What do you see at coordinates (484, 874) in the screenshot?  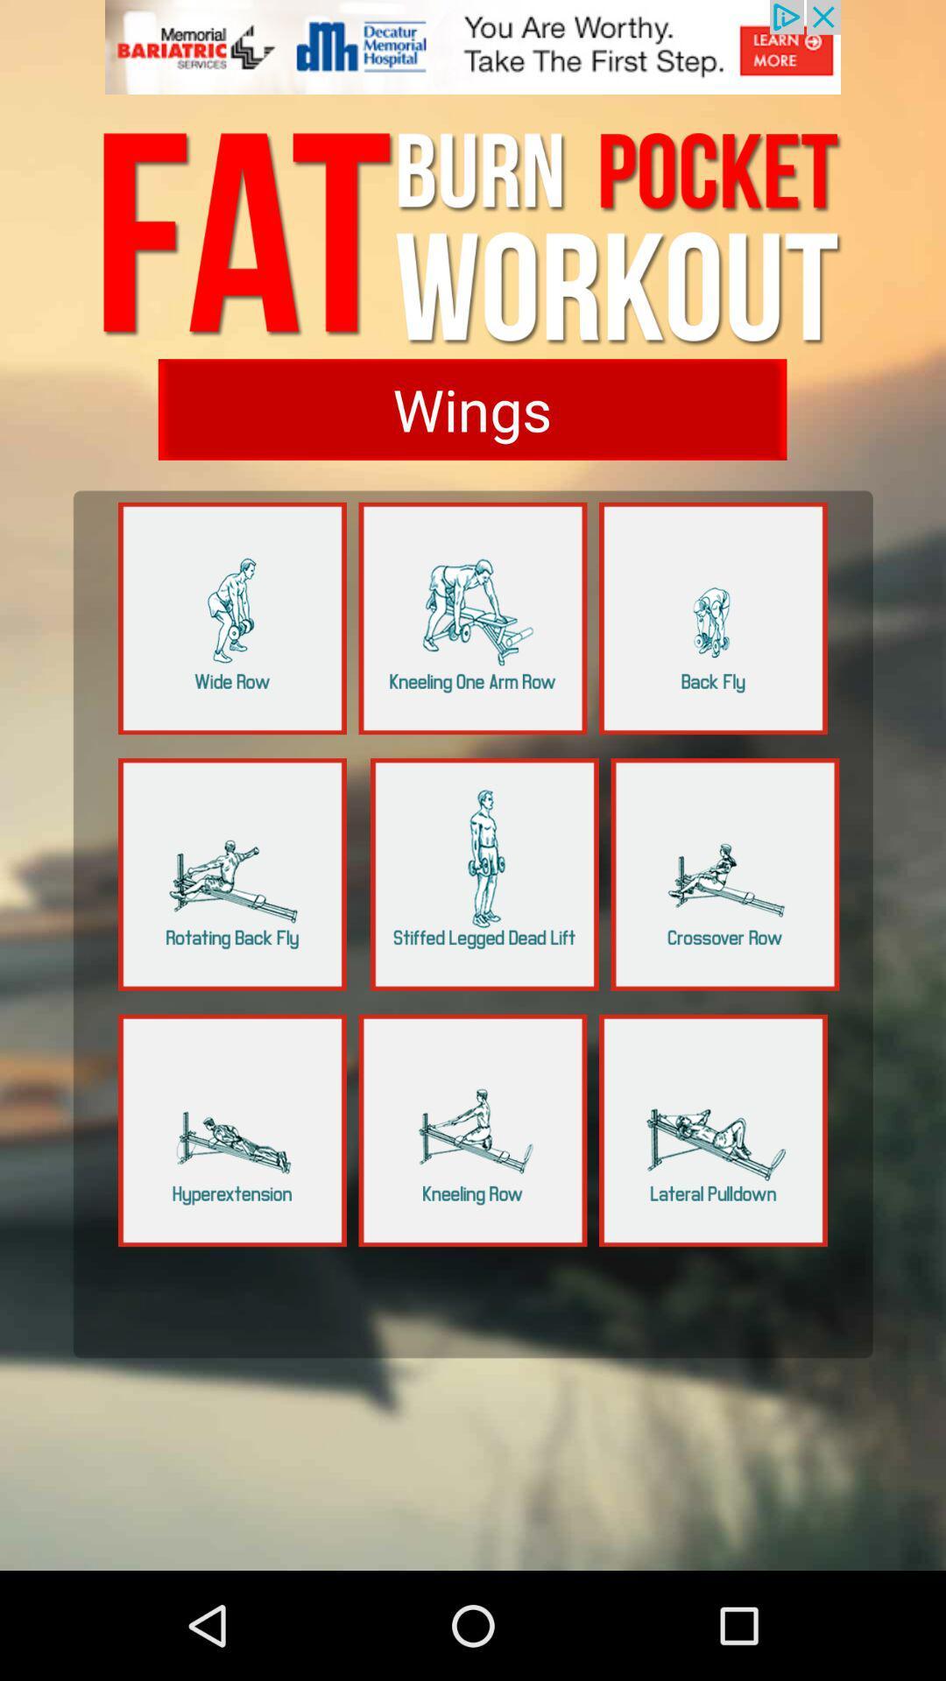 I see `content picture` at bounding box center [484, 874].